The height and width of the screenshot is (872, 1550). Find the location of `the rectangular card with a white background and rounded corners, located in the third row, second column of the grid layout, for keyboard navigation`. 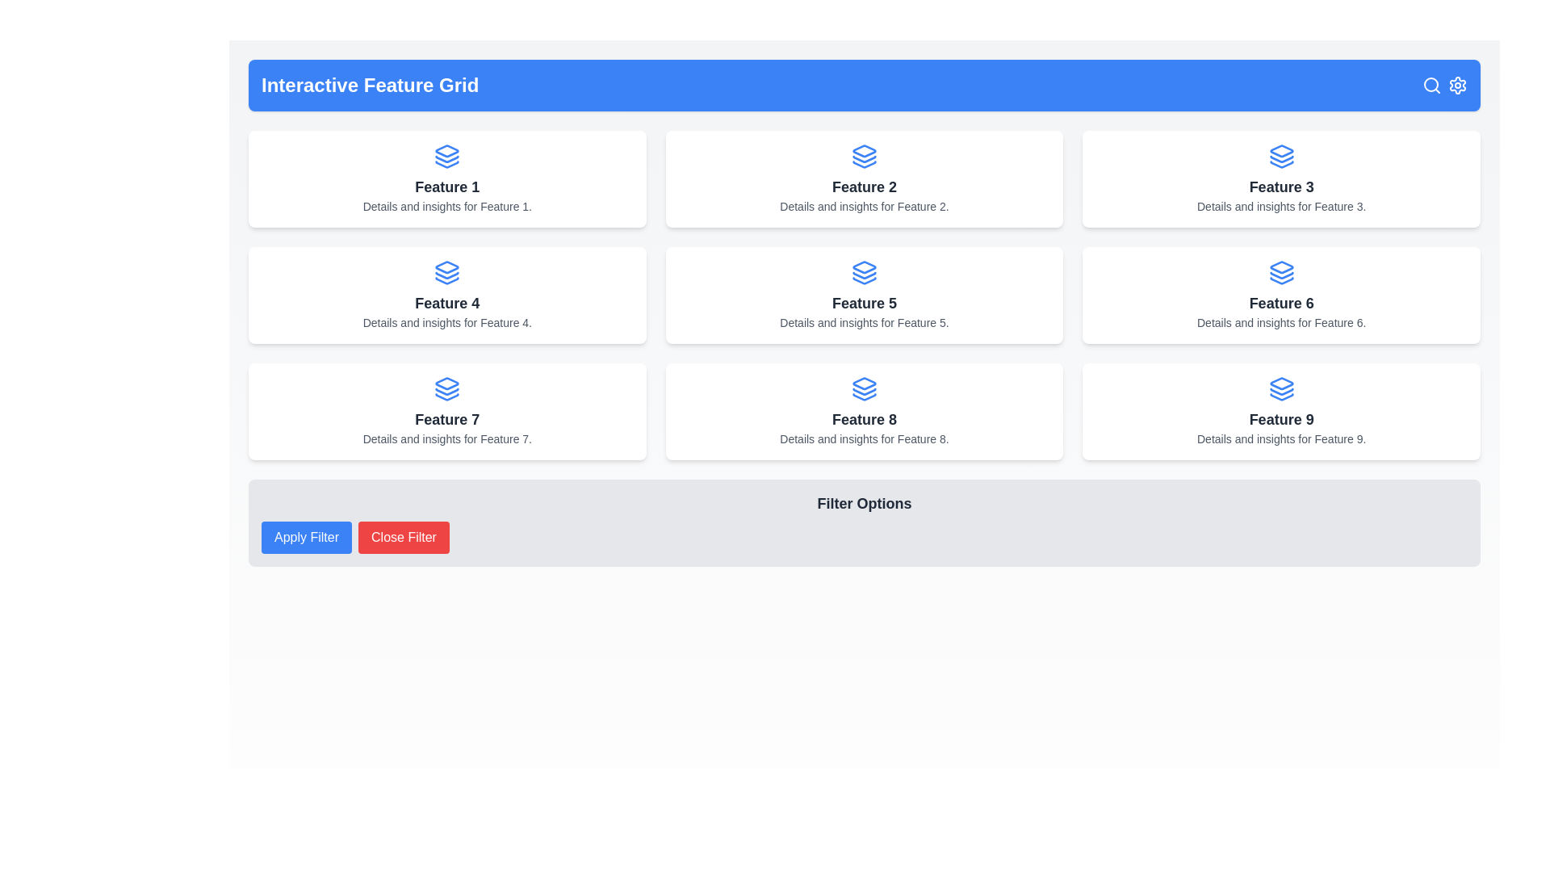

the rectangular card with a white background and rounded corners, located in the third row, second column of the grid layout, for keyboard navigation is located at coordinates (863, 410).